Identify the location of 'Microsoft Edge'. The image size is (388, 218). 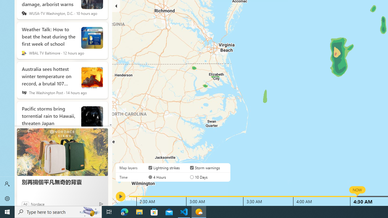
(124, 211).